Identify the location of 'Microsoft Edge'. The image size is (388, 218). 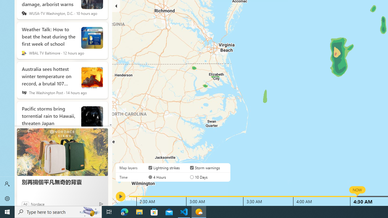
(124, 211).